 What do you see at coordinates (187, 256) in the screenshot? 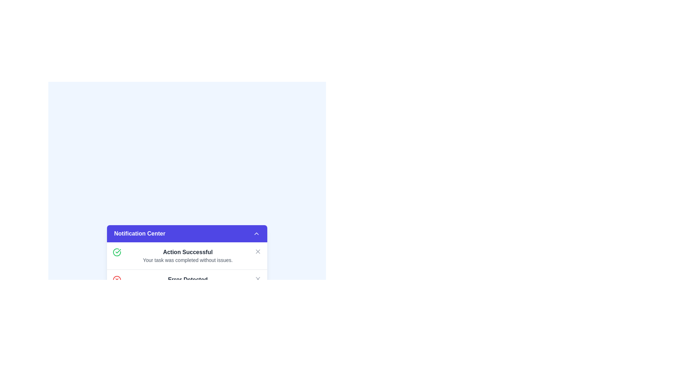
I see `success message from the Notification item that displays 'Action Successful' and the message 'Your task was completed without issues.'` at bounding box center [187, 256].